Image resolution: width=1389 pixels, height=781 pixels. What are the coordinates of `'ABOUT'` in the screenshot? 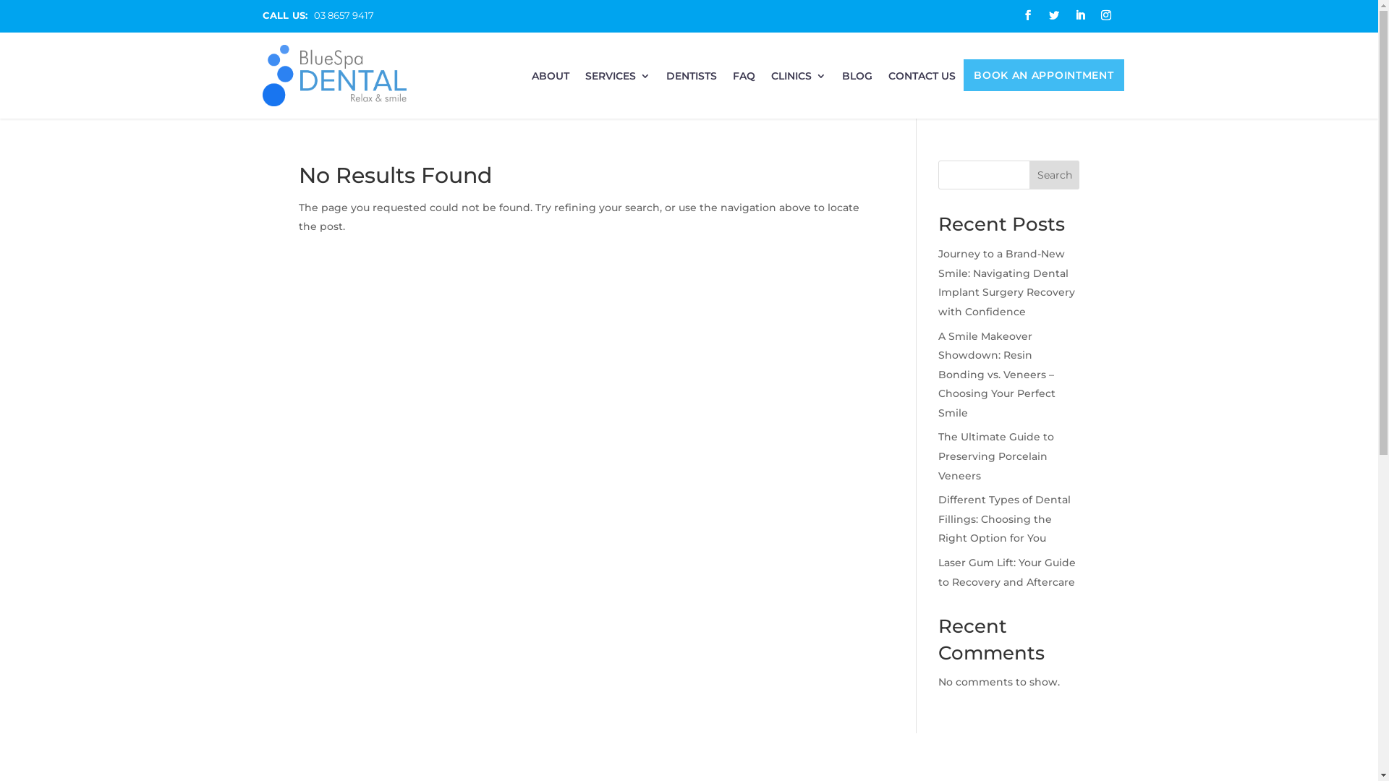 It's located at (530, 80).